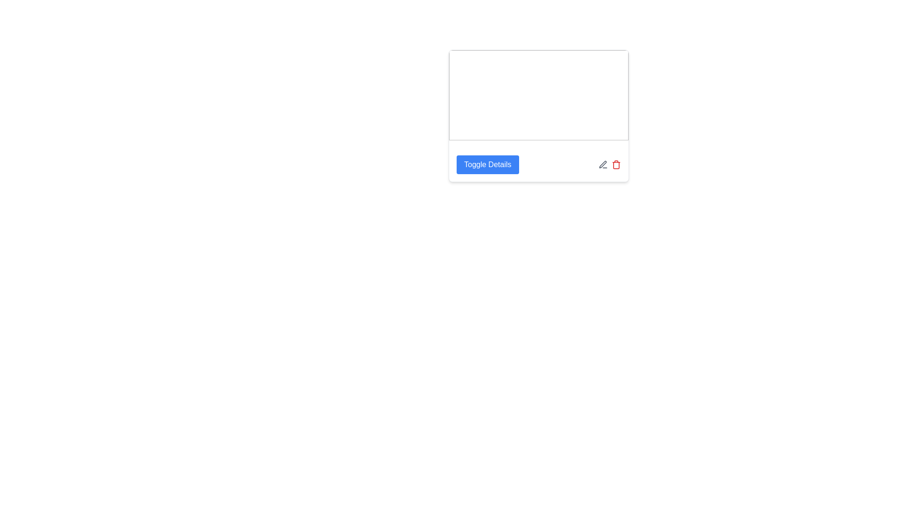 The width and height of the screenshot is (902, 507). Describe the element at coordinates (603, 164) in the screenshot. I see `the pen icon located in the bottom right section of the interface, which is a stylized representation of a writing tool` at that location.